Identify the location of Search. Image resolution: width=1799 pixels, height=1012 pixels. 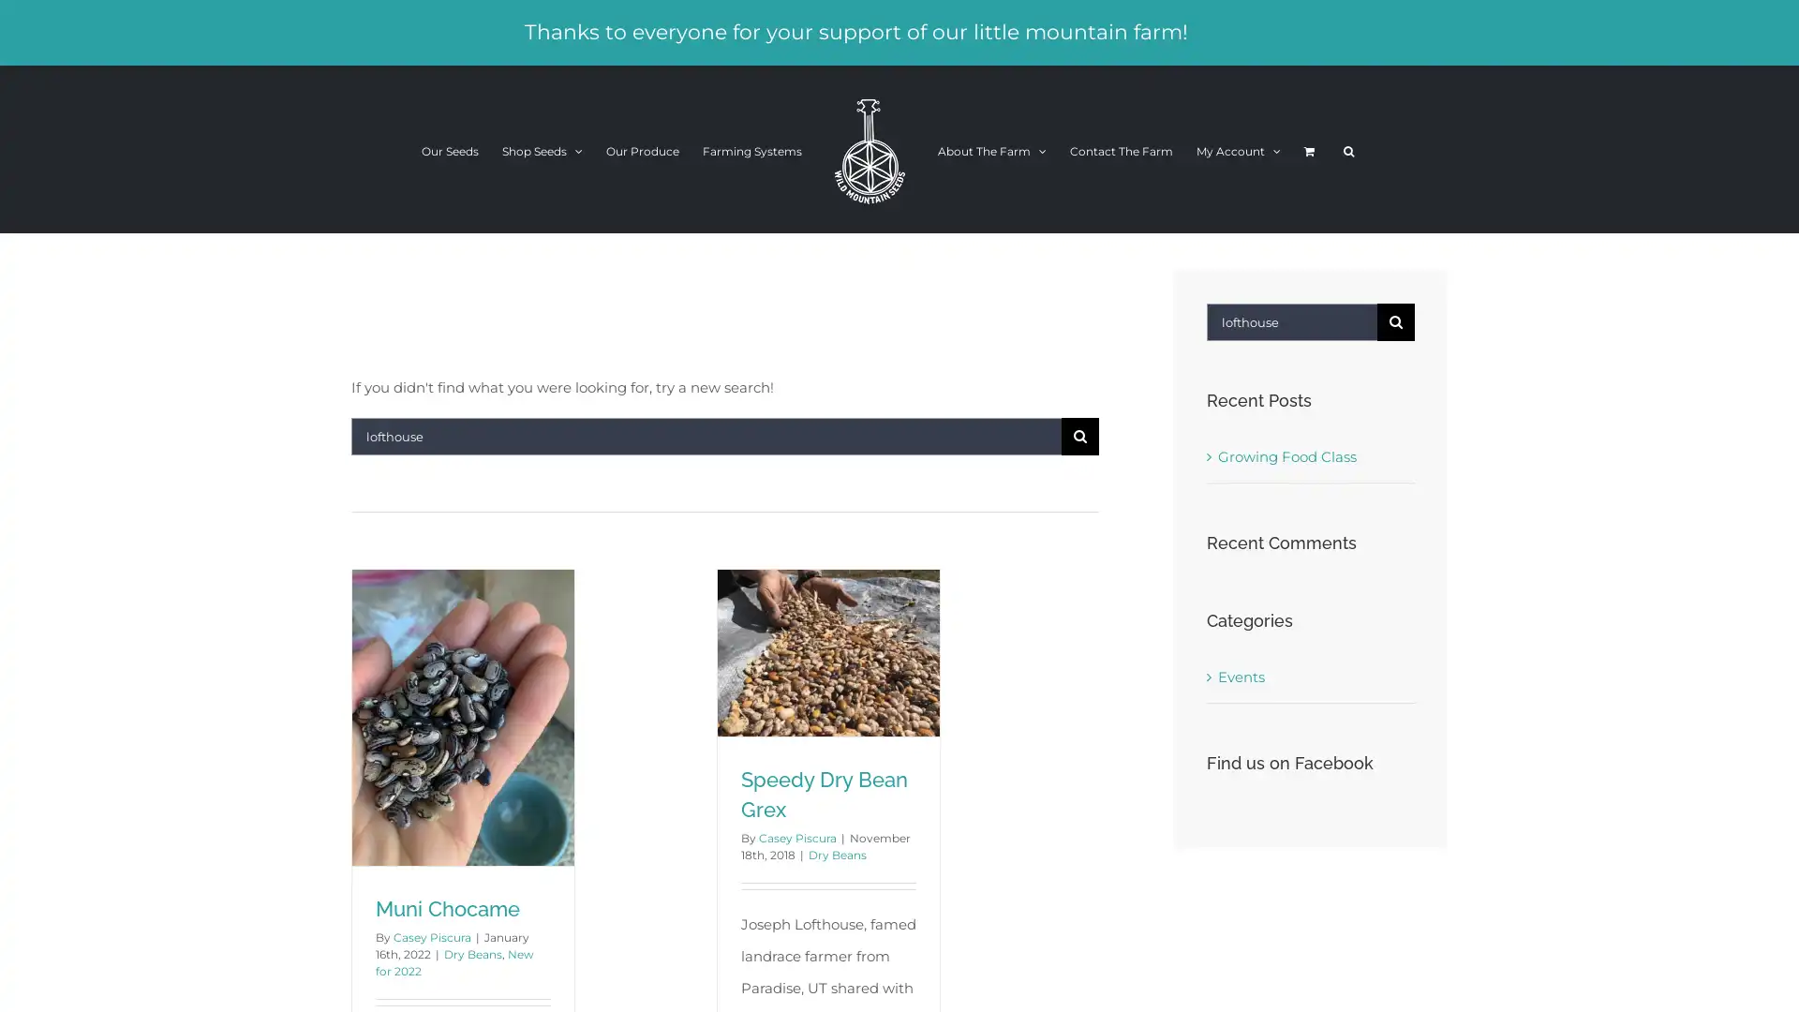
(1347, 147).